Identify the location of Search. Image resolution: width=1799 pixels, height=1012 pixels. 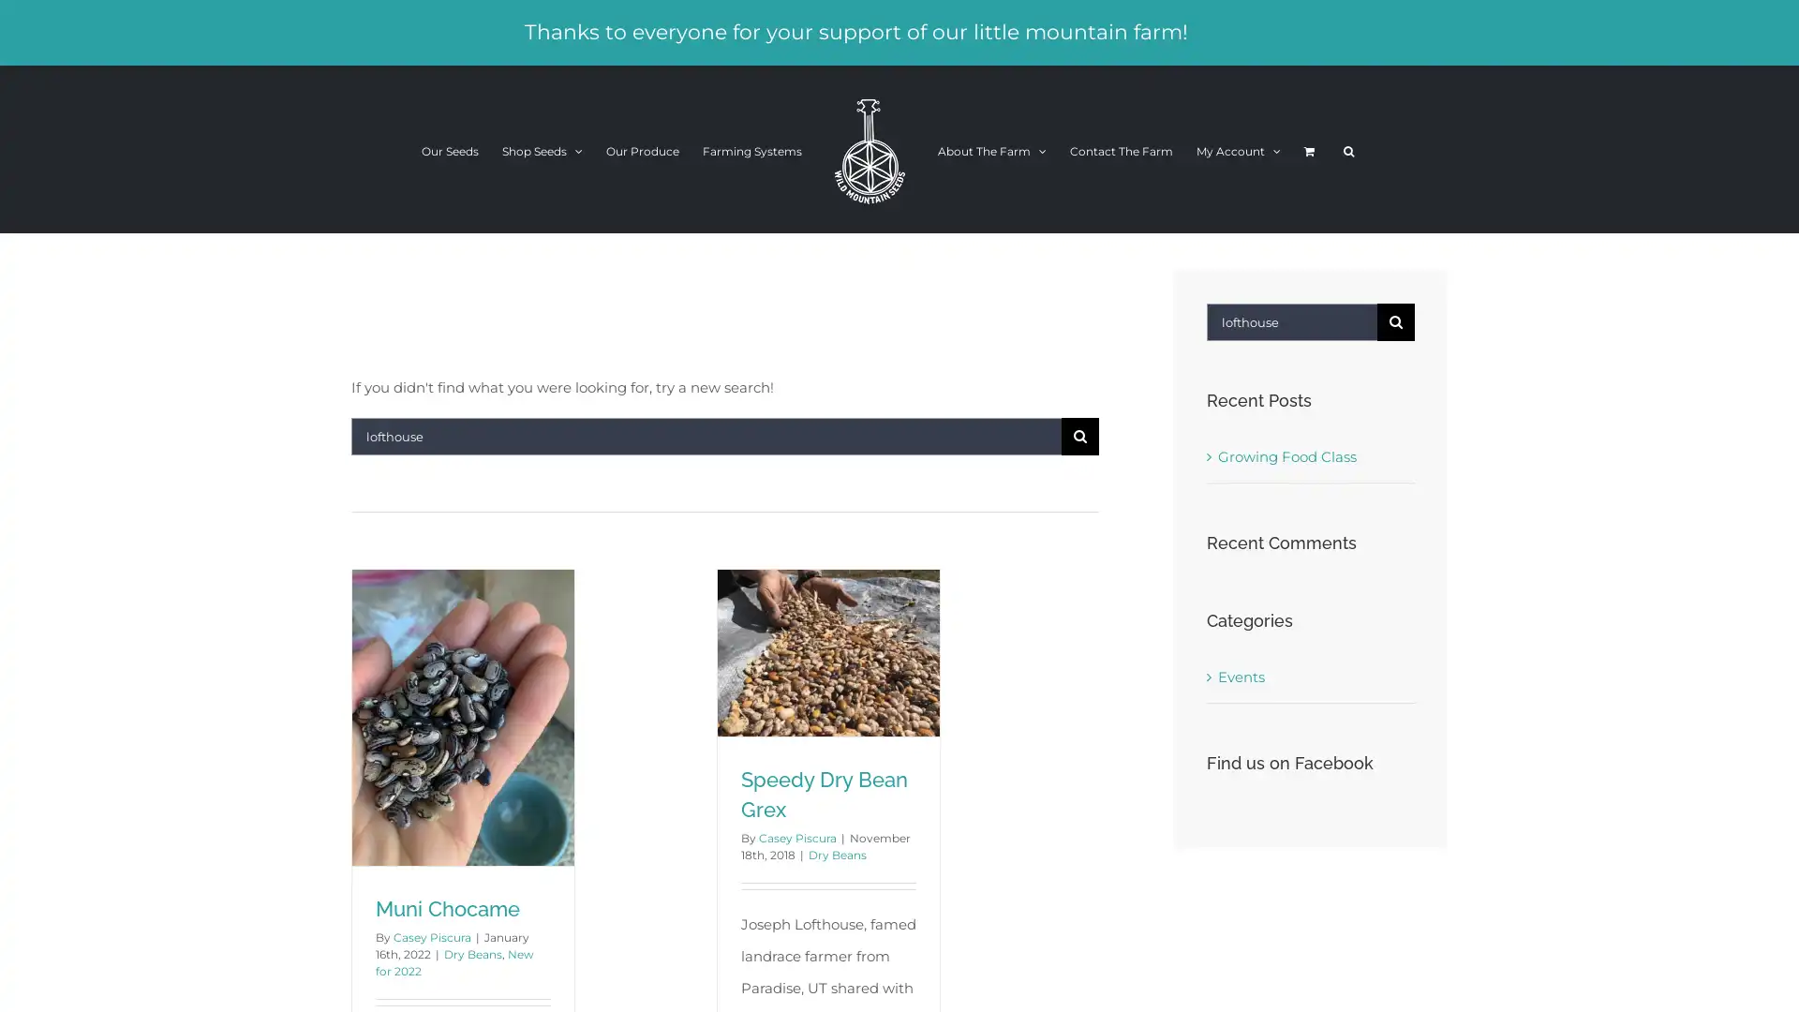
(1347, 147).